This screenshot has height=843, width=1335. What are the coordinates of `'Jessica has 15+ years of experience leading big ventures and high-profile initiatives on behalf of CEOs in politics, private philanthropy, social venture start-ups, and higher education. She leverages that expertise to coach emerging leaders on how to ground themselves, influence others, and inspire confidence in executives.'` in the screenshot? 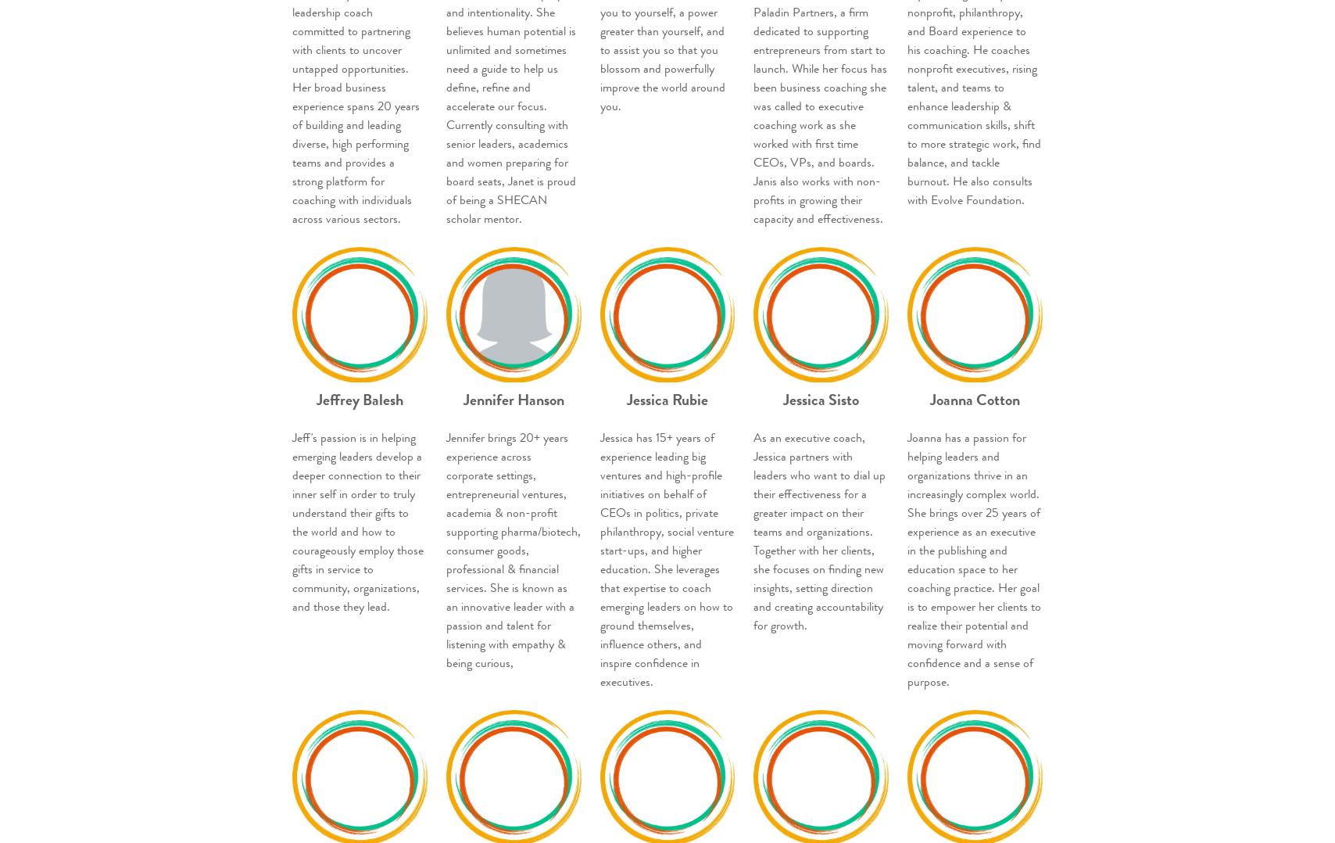 It's located at (666, 558).